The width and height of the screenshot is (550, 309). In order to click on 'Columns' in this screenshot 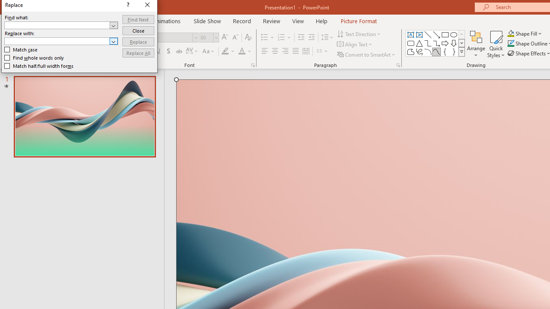, I will do `click(322, 51)`.